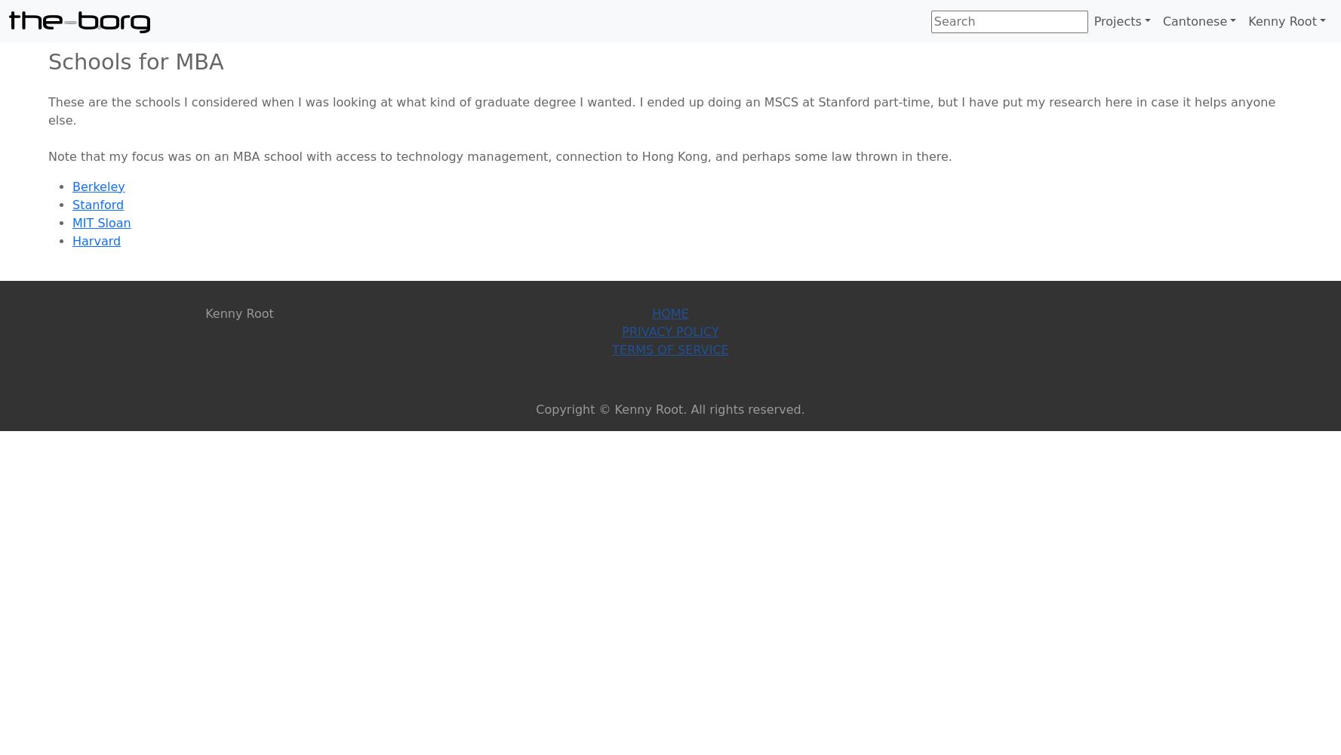 This screenshot has height=755, width=1341. Describe the element at coordinates (135, 61) in the screenshot. I see `'Schools for MBA'` at that location.